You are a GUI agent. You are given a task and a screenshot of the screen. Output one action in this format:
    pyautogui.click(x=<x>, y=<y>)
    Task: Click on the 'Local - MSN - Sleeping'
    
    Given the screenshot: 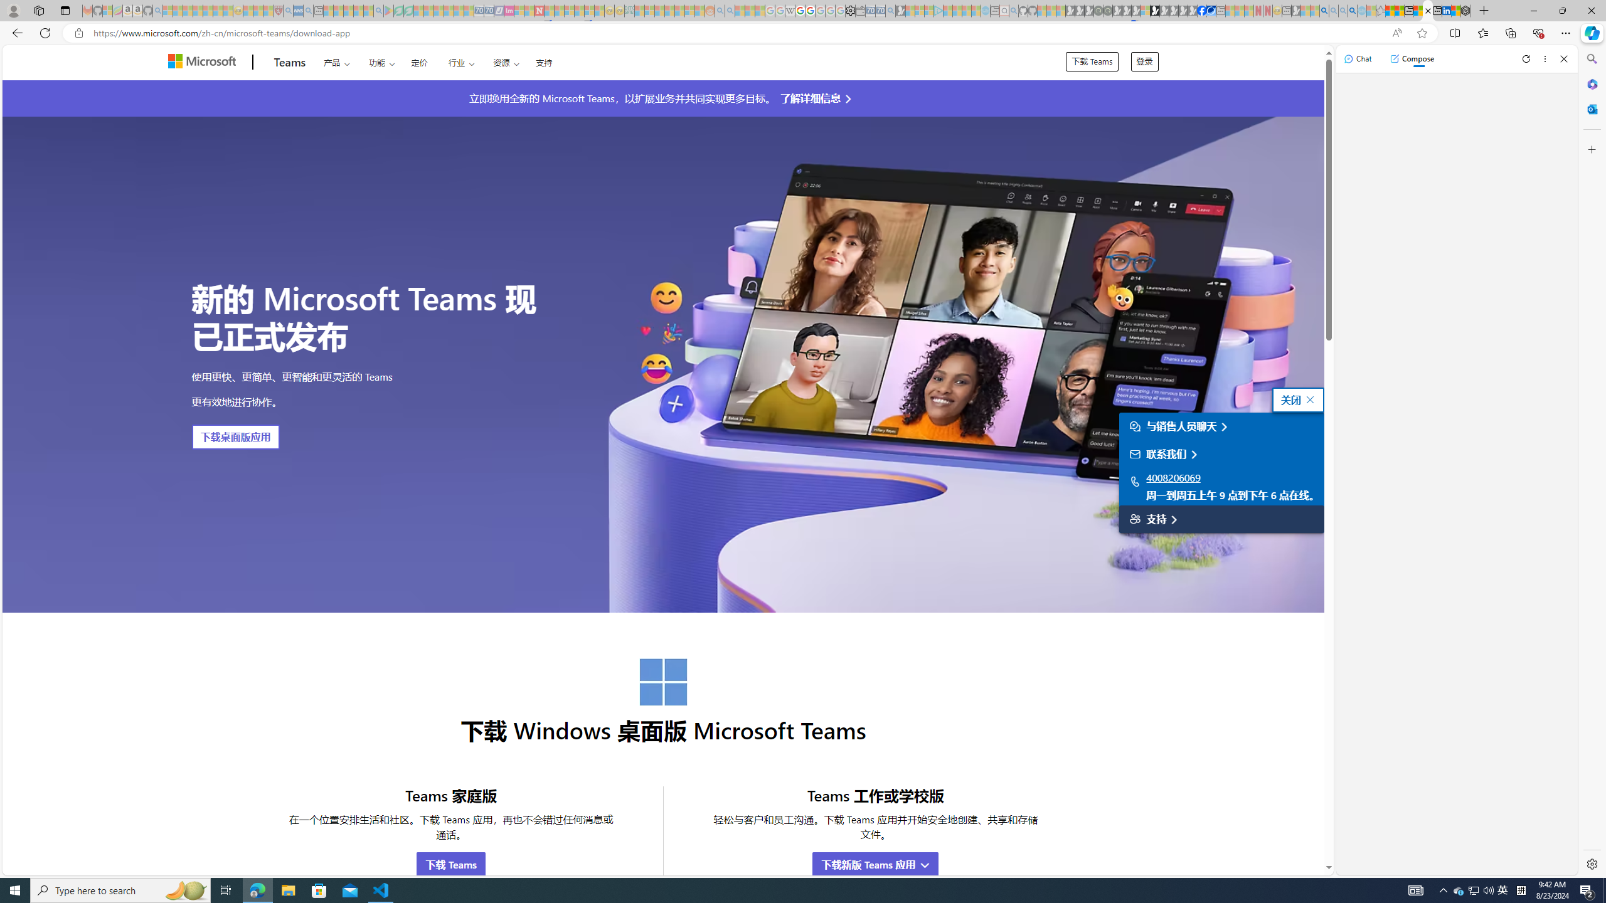 What is the action you would take?
    pyautogui.click(x=268, y=10)
    